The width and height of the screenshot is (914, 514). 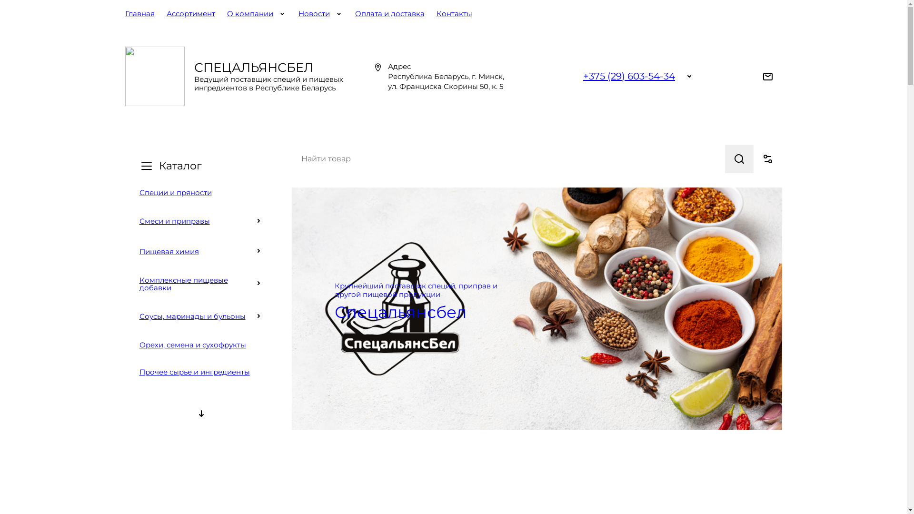 I want to click on '+375 (29) 603-54-34', so click(x=582, y=75).